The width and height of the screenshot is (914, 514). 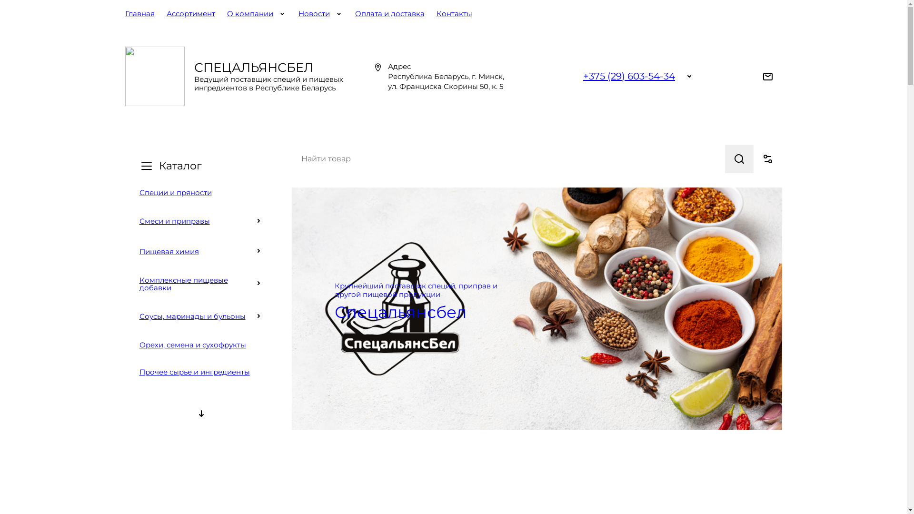 I want to click on '+375 (29) 603-54-34', so click(x=582, y=75).